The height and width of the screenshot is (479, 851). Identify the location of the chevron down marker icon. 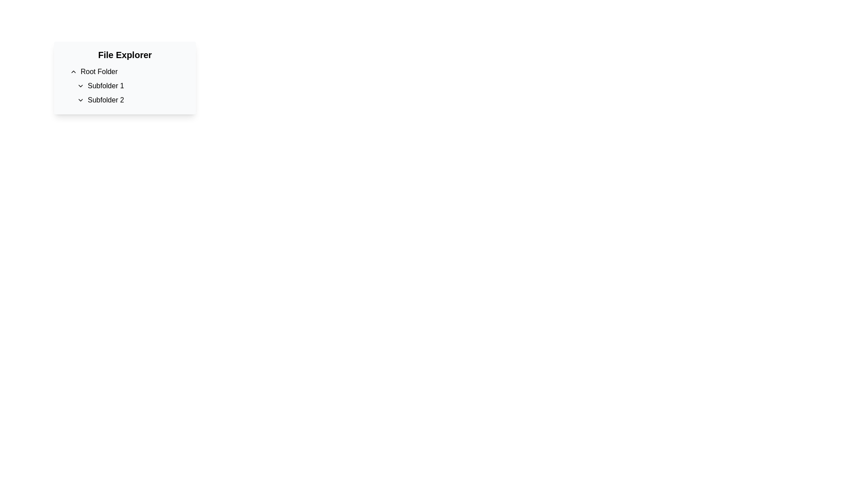
(81, 100).